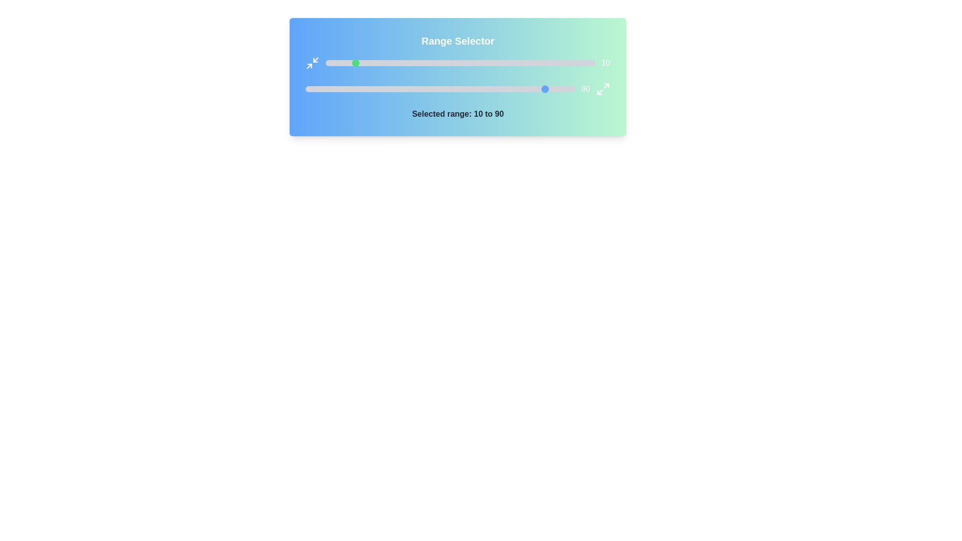  What do you see at coordinates (440, 88) in the screenshot?
I see `the horizontal range slider with a gray track and blue accent, positioned below the label '90' to trigger tooltips or focus effects` at bounding box center [440, 88].